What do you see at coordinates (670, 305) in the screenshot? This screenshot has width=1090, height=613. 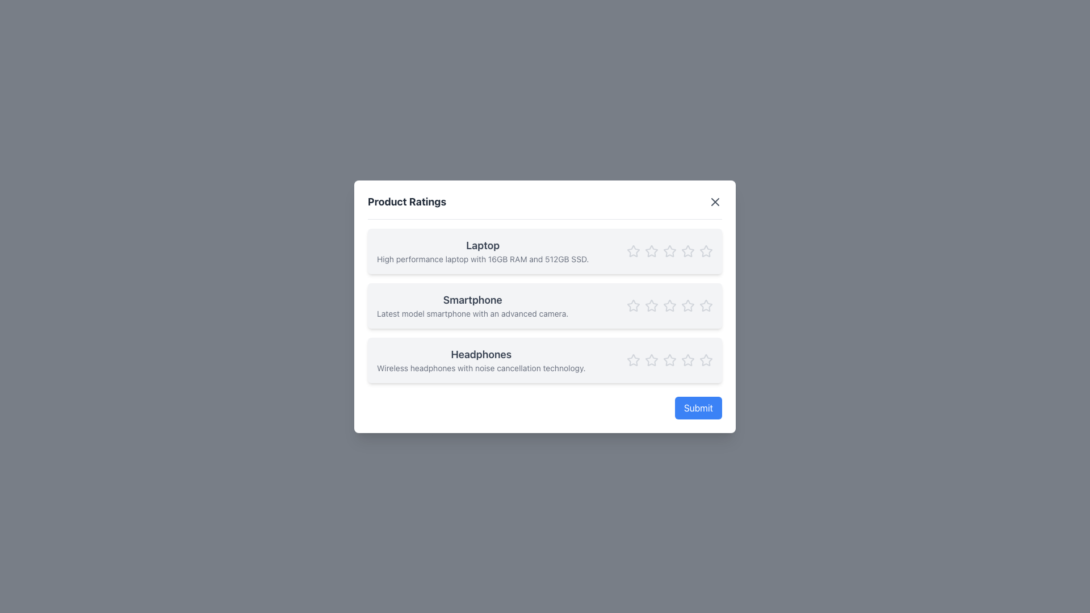 I see `each star icon in the Rating control located to the right of the 'Smartphone' label` at bounding box center [670, 305].